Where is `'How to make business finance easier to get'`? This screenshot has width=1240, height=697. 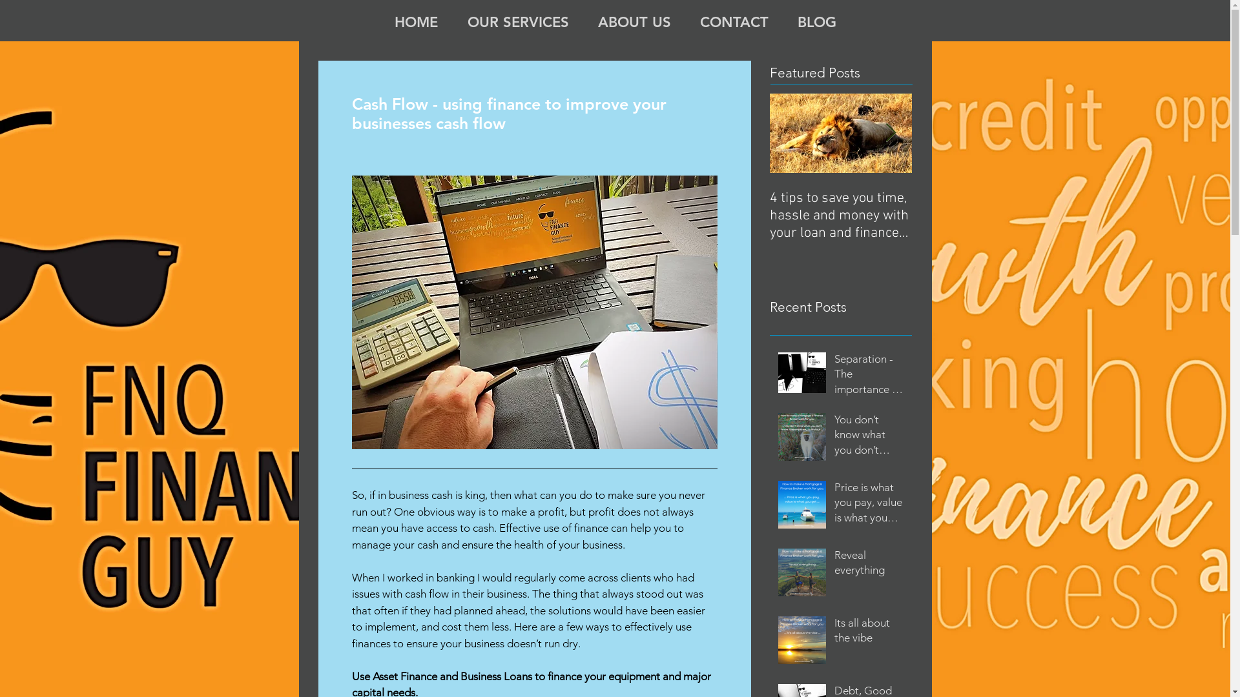
'How to make business finance easier to get' is located at coordinates (982, 206).